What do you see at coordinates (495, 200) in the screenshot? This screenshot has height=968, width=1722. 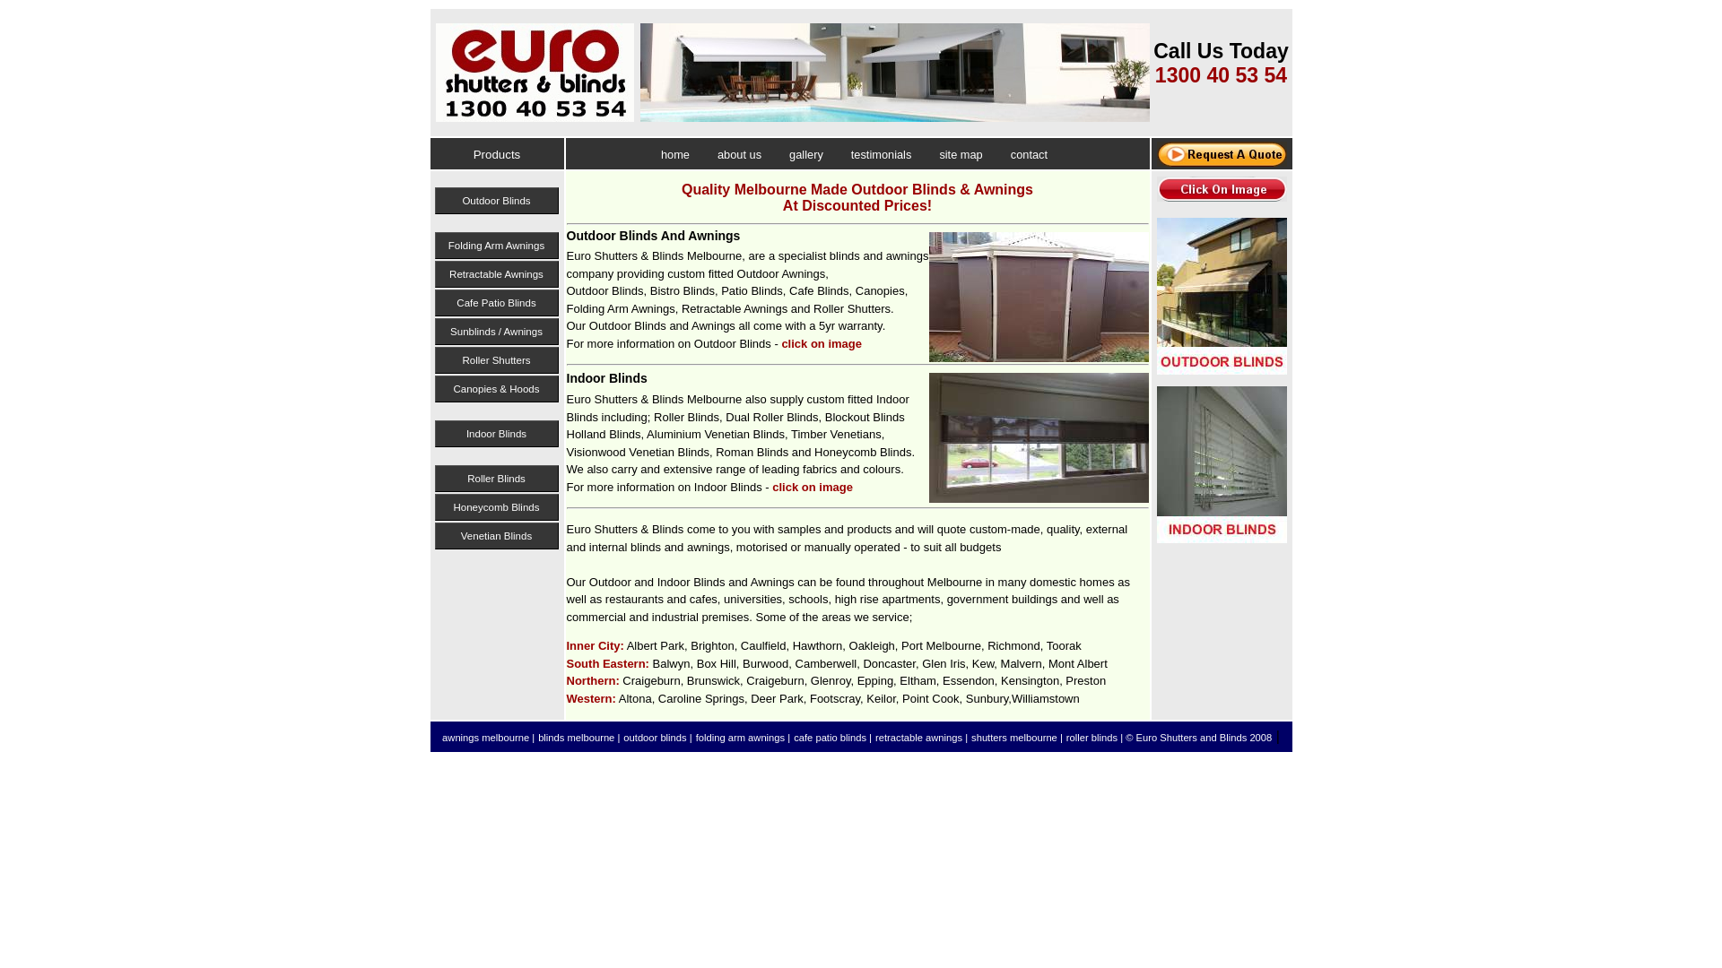 I see `'Outdoor Blinds'` at bounding box center [495, 200].